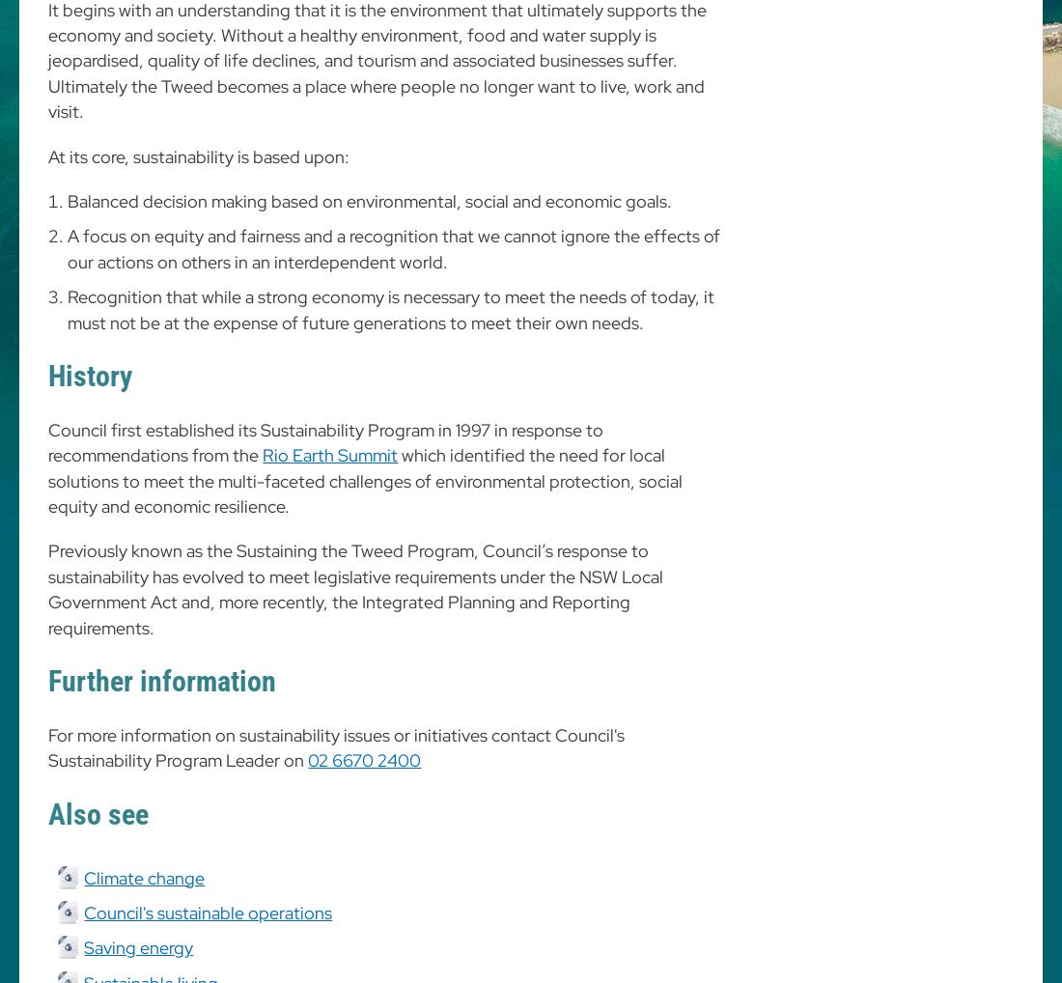  Describe the element at coordinates (47, 680) in the screenshot. I see `'Further information'` at that location.